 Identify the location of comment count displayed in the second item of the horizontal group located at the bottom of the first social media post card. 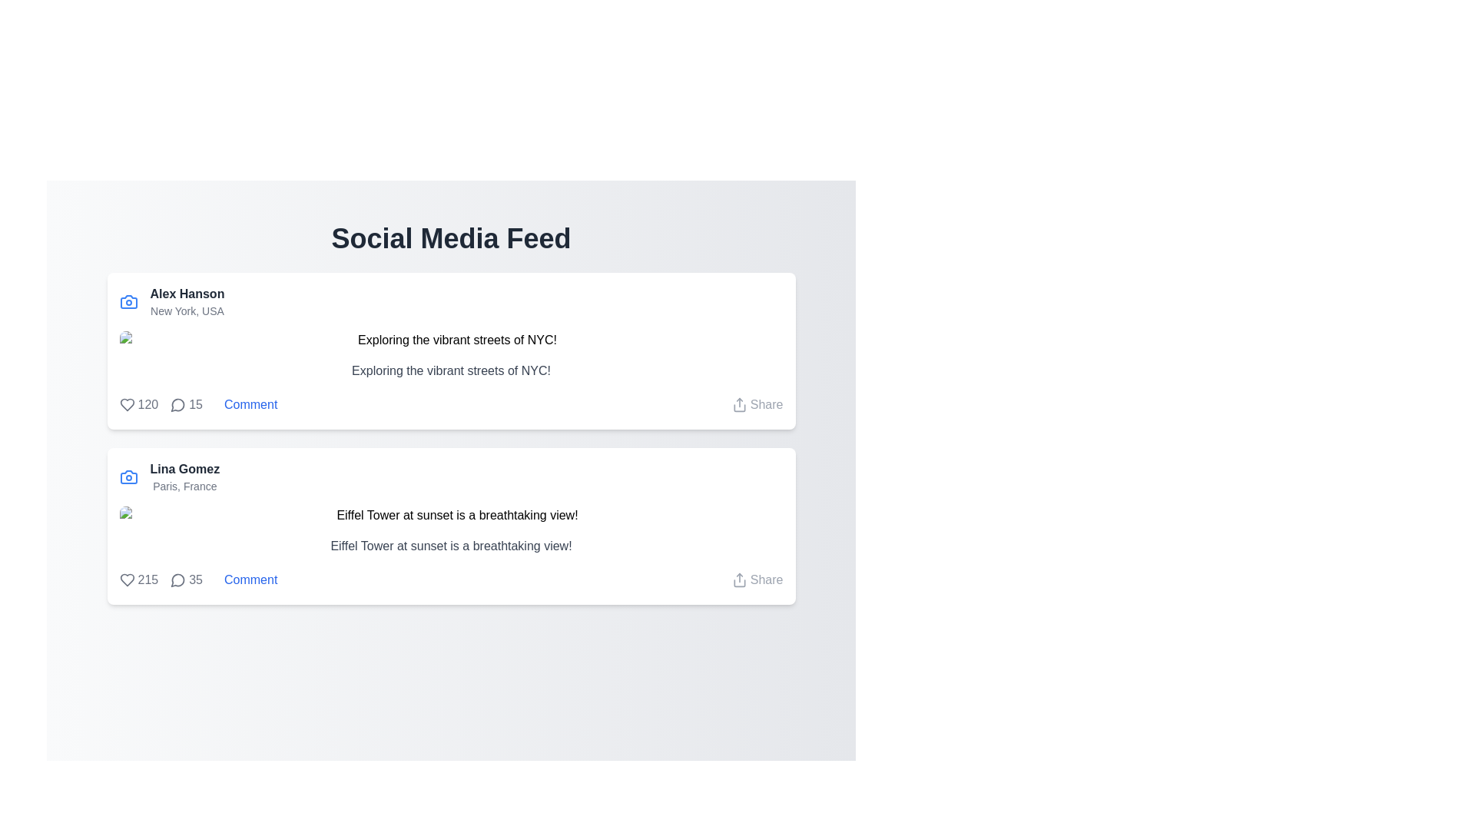
(186, 404).